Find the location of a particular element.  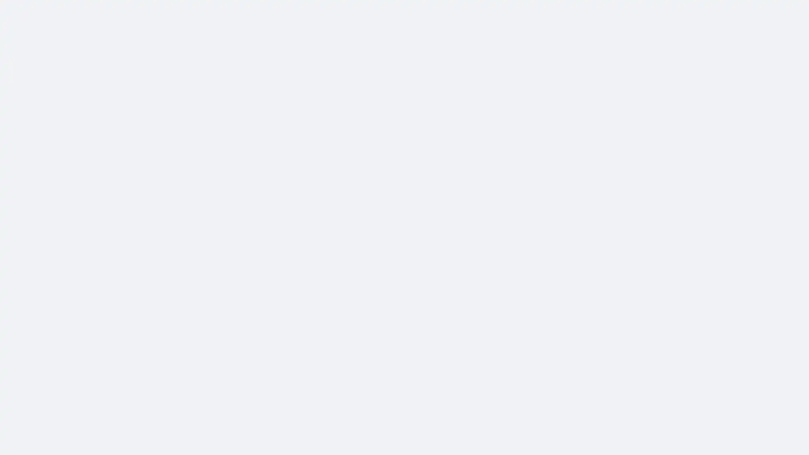

Comment is located at coordinates (483, 442).